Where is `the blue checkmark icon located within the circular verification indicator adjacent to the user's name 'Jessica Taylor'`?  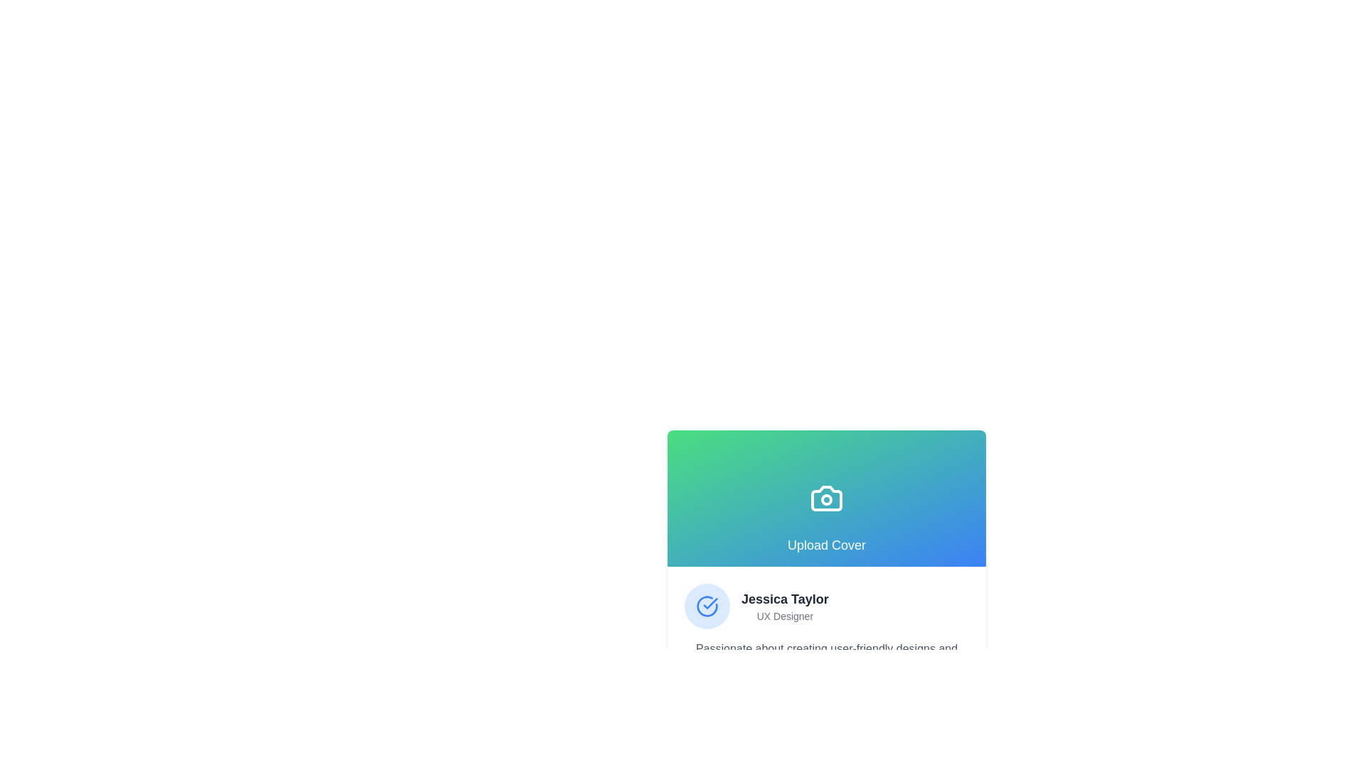 the blue checkmark icon located within the circular verification indicator adjacent to the user's name 'Jessica Taylor' is located at coordinates (710, 603).